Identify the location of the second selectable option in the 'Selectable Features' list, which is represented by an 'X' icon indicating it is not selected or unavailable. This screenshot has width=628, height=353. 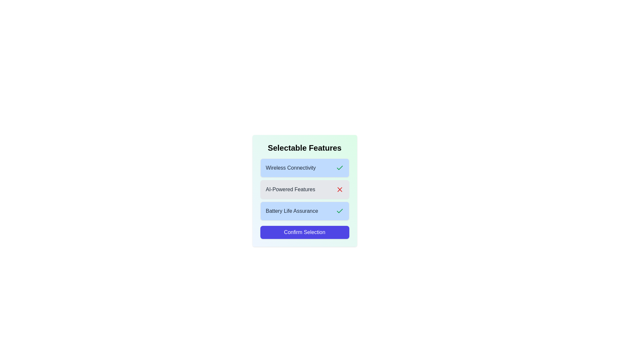
(304, 189).